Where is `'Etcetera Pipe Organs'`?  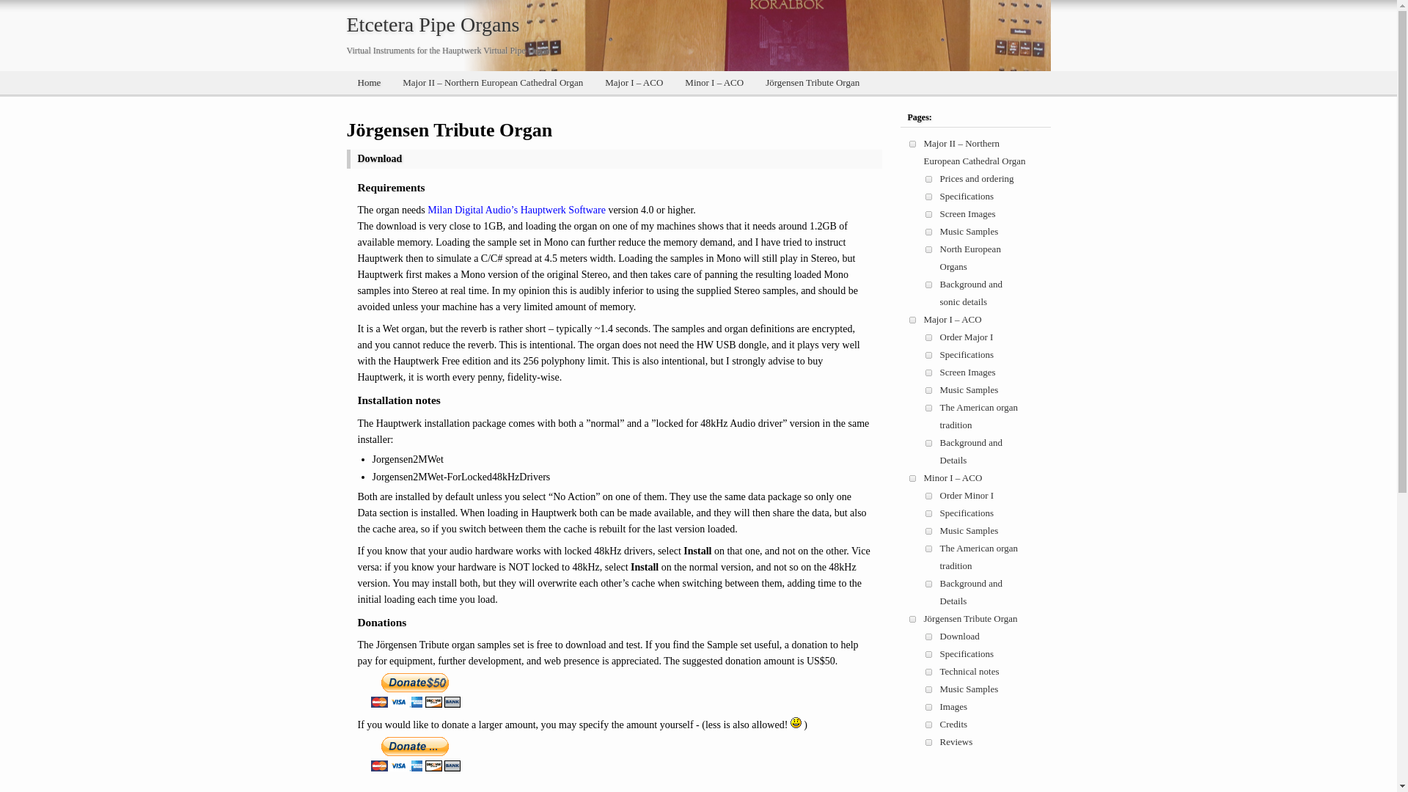 'Etcetera Pipe Organs' is located at coordinates (432, 24).